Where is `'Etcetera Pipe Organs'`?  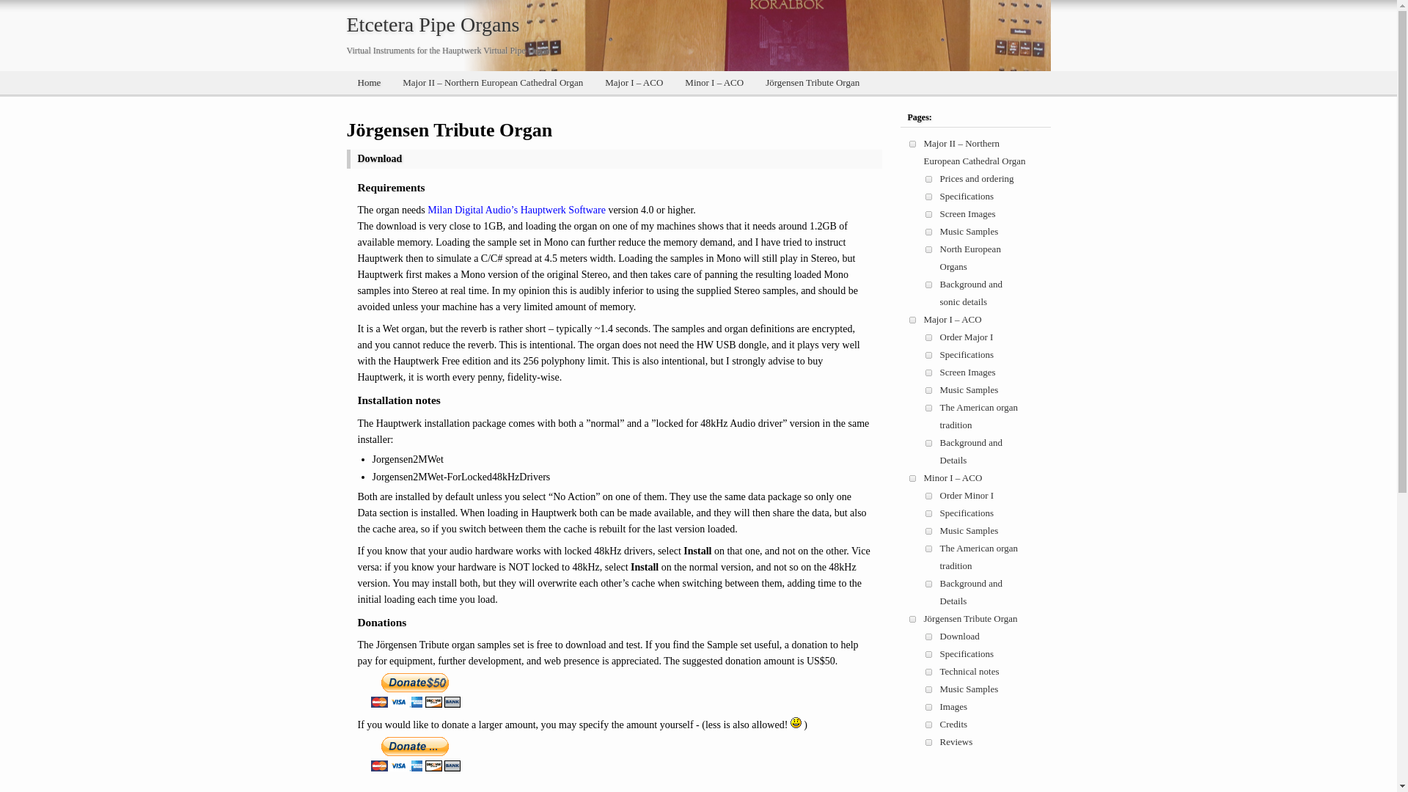 'Etcetera Pipe Organs' is located at coordinates (432, 24).